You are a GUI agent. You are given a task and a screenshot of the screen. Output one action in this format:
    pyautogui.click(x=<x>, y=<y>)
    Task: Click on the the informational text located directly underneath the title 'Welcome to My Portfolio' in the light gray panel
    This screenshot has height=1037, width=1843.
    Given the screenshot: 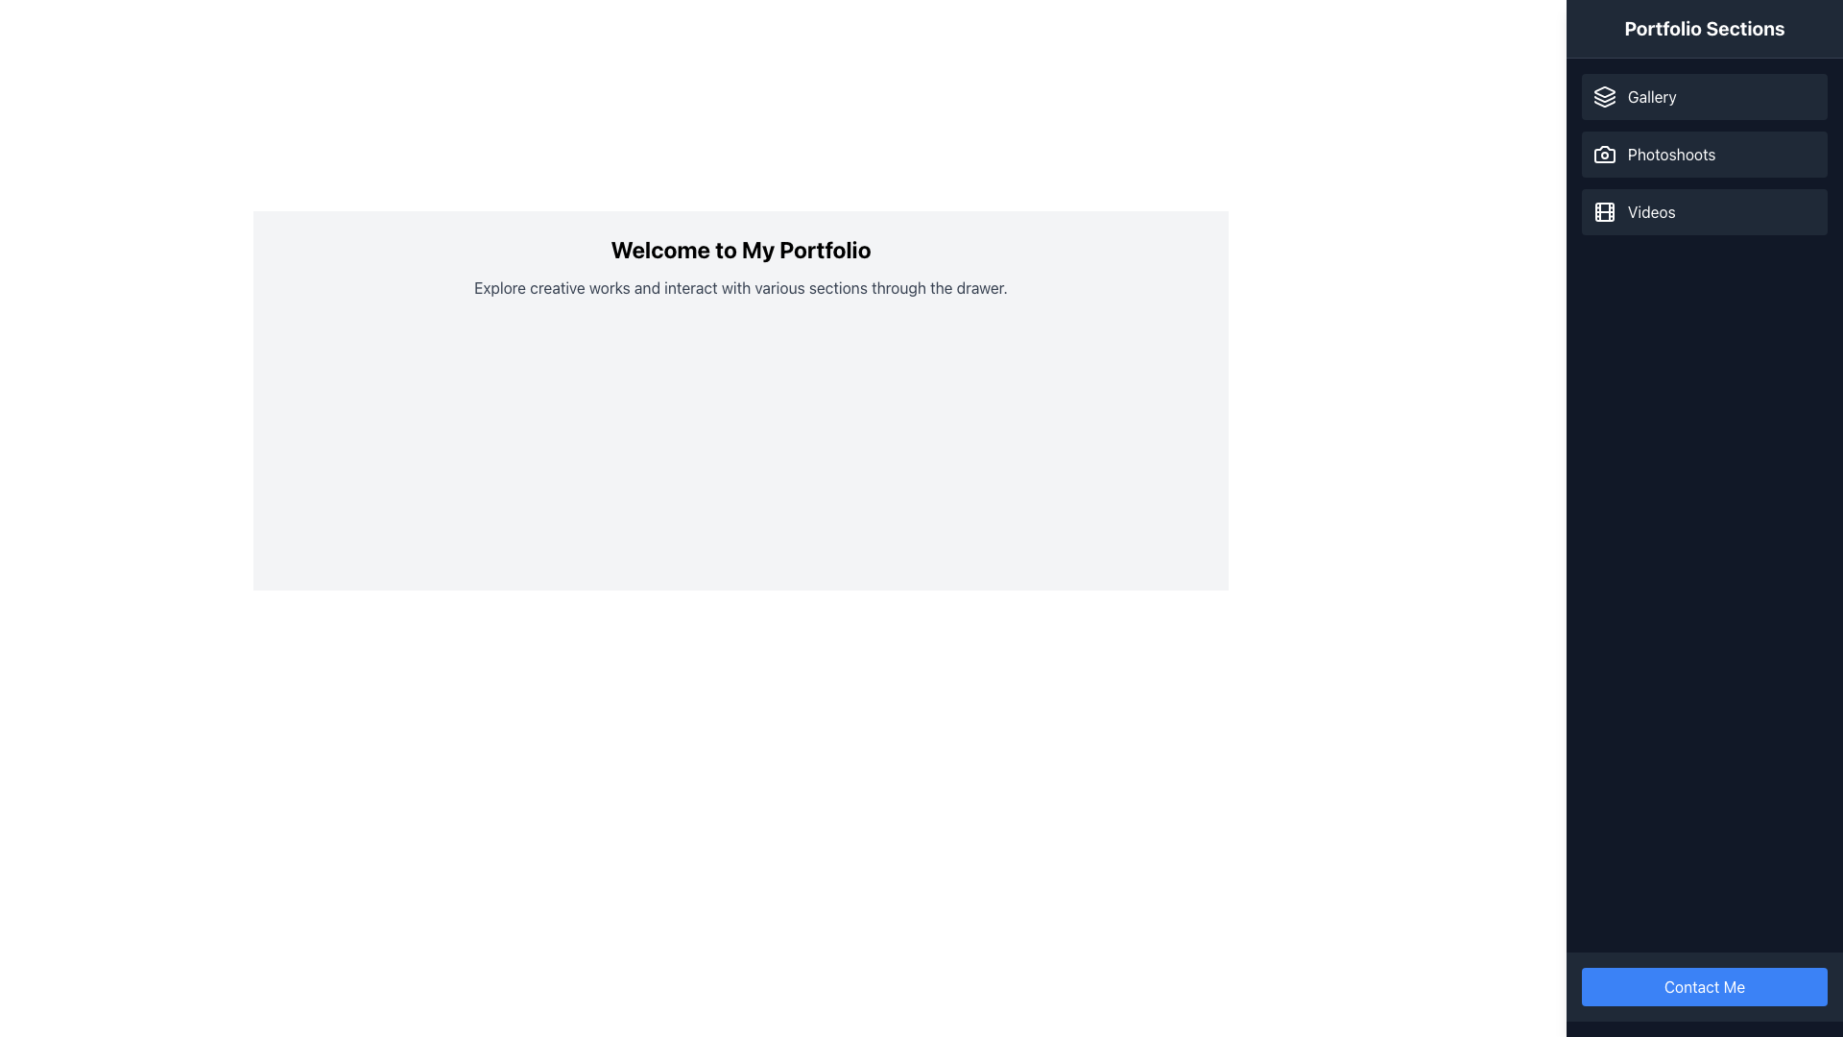 What is the action you would take?
    pyautogui.click(x=740, y=288)
    